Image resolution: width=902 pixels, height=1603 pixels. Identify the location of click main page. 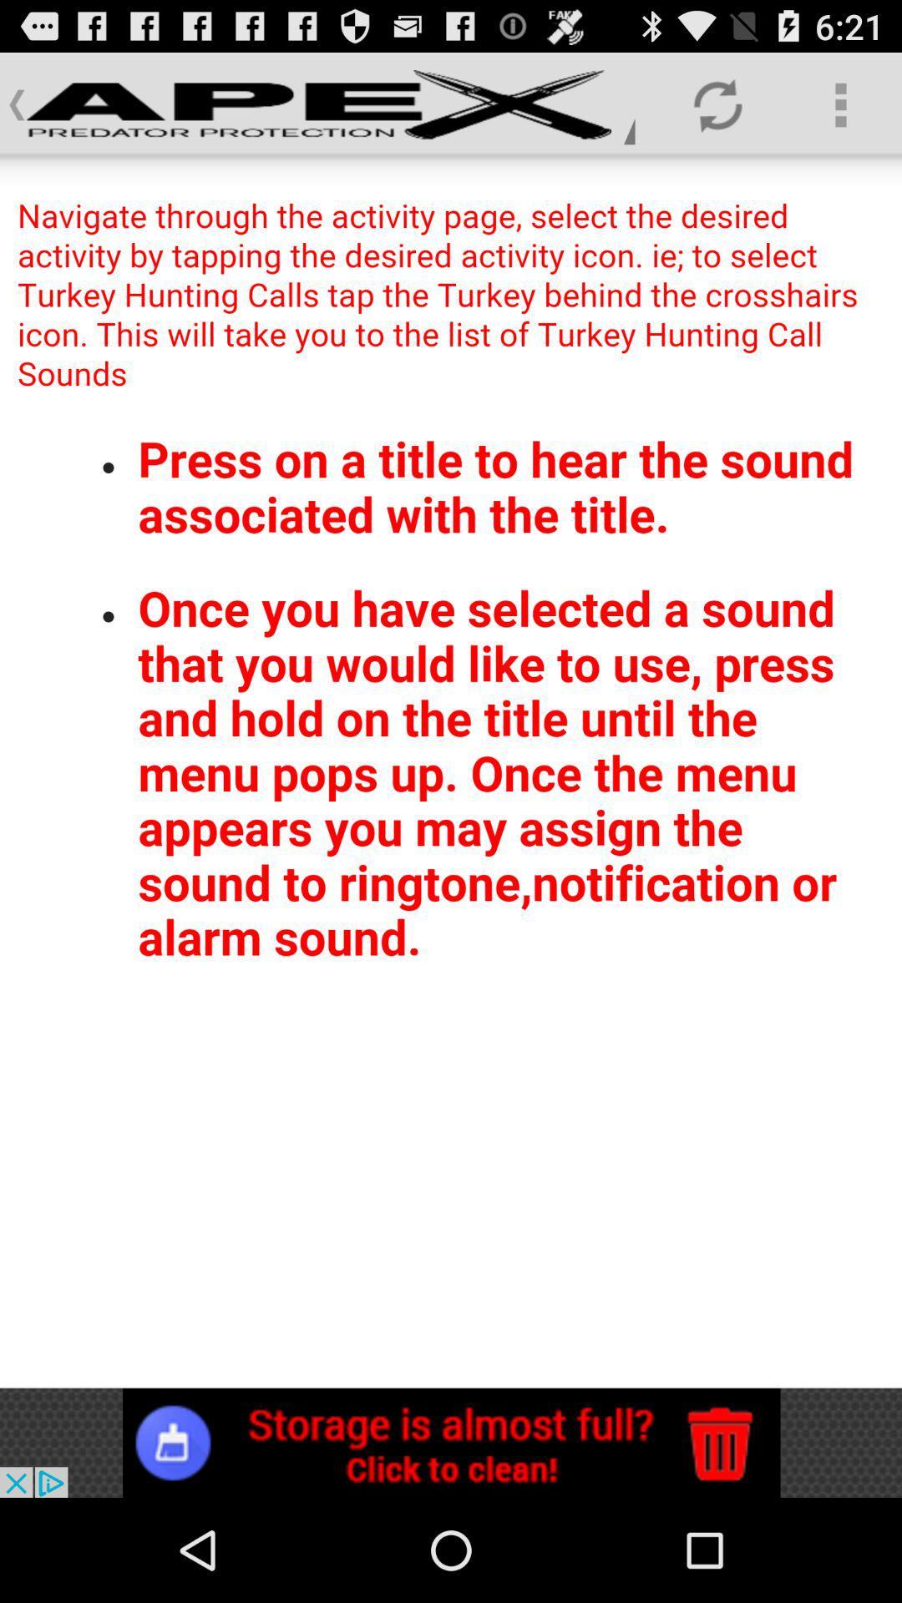
(451, 771).